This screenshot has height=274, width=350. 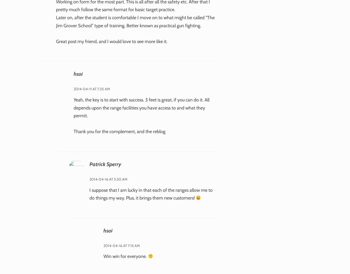 I want to click on '2014-04-16 at 3:30 am', so click(x=89, y=179).